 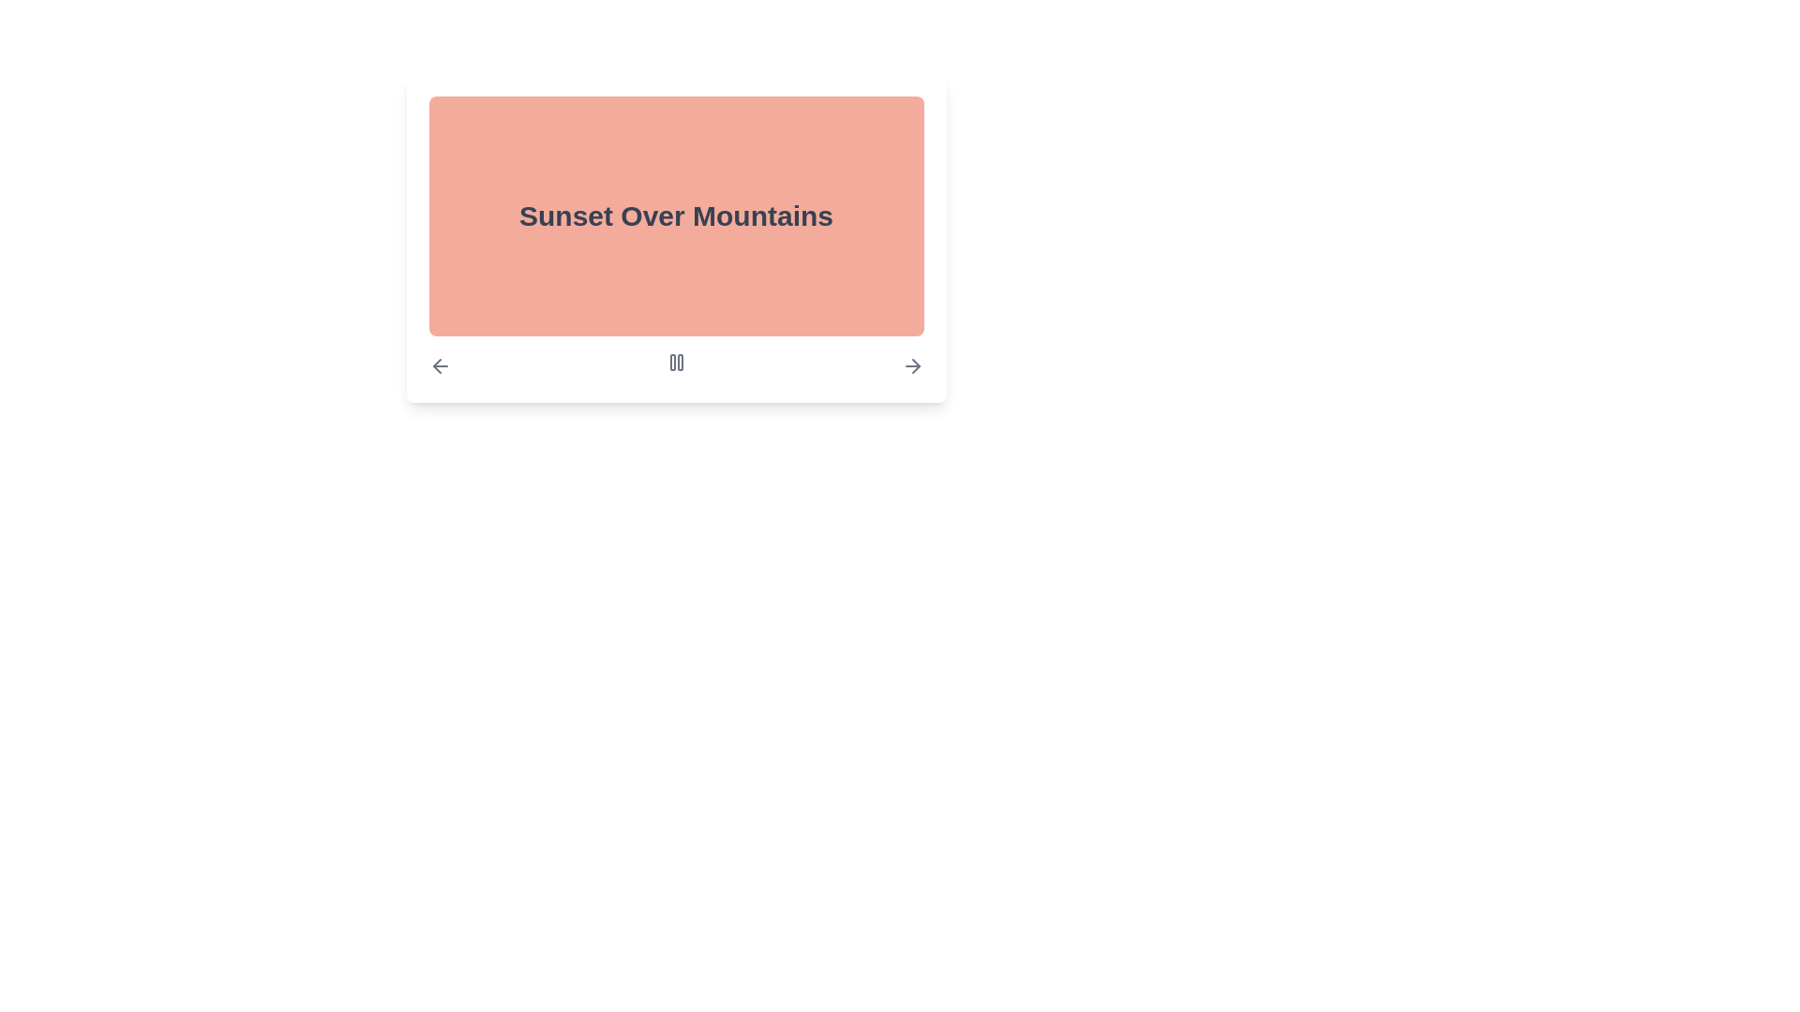 I want to click on the pause button located at the center of the media control navigation bar to change its color, so click(x=675, y=362).